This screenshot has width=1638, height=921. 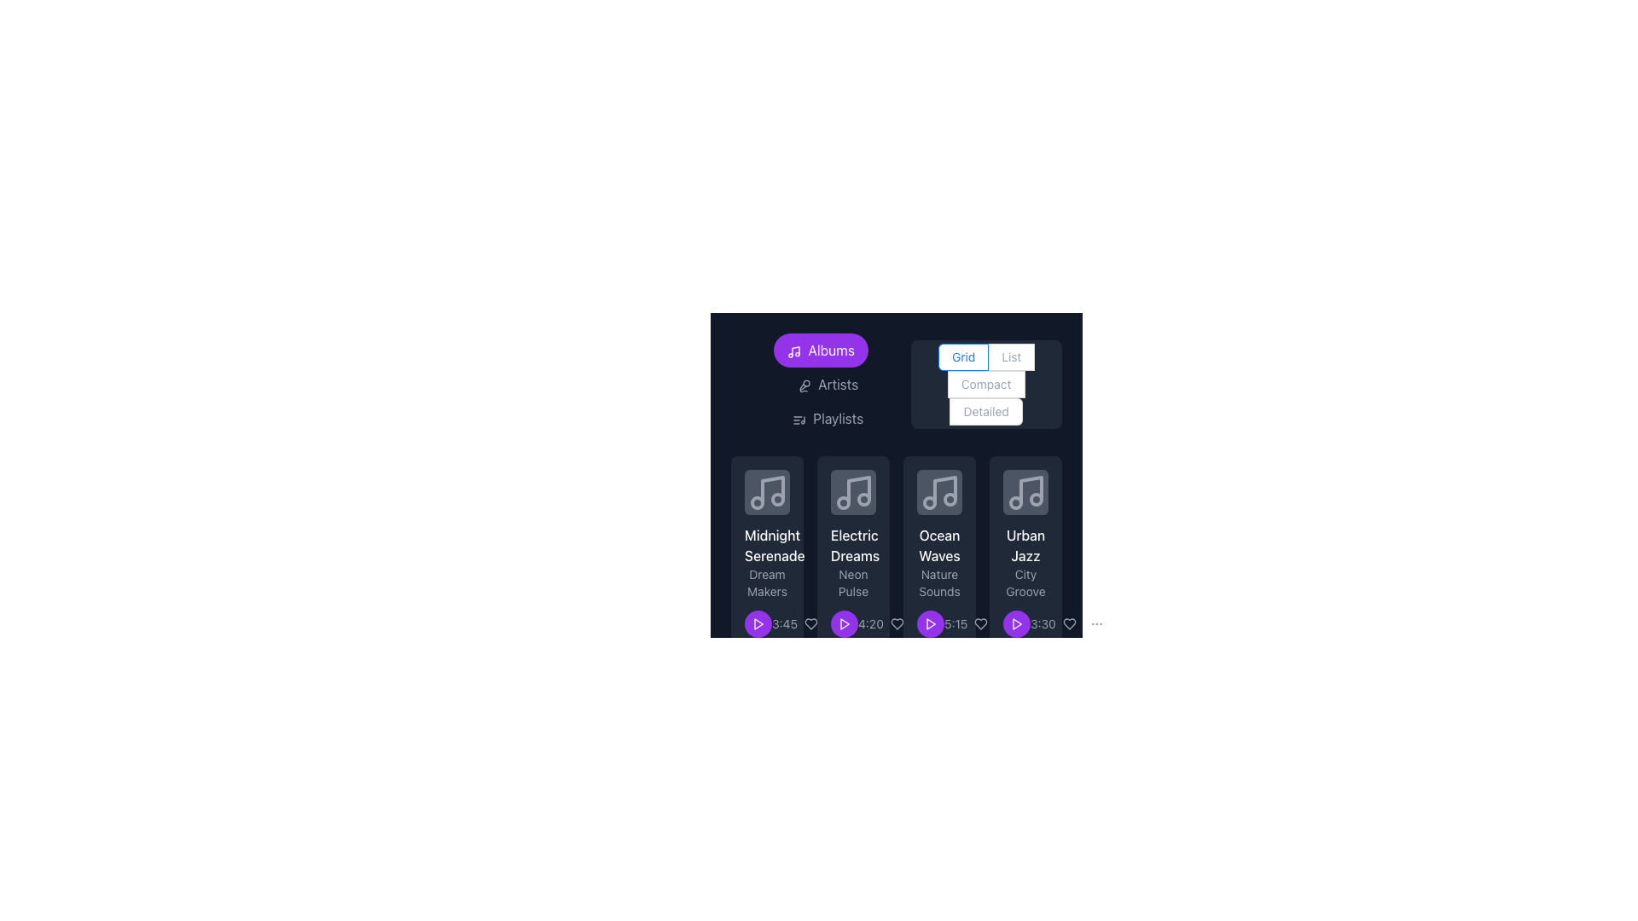 What do you see at coordinates (1016, 624) in the screenshot?
I see `the circular button with a purple background and a white play icon inside, located in the bottom section of the 'Urban Jazz' card for keyboard interaction` at bounding box center [1016, 624].